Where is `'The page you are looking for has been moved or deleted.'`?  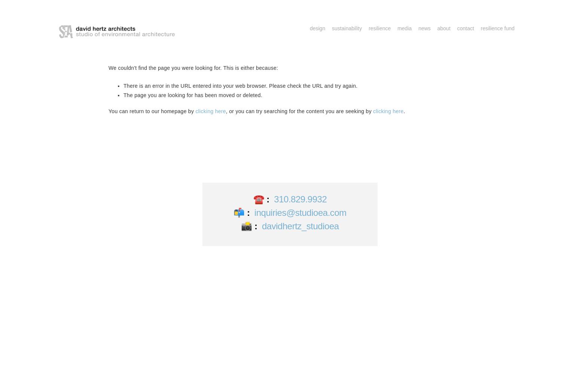 'The page you are looking for has been moved or deleted.' is located at coordinates (192, 95).